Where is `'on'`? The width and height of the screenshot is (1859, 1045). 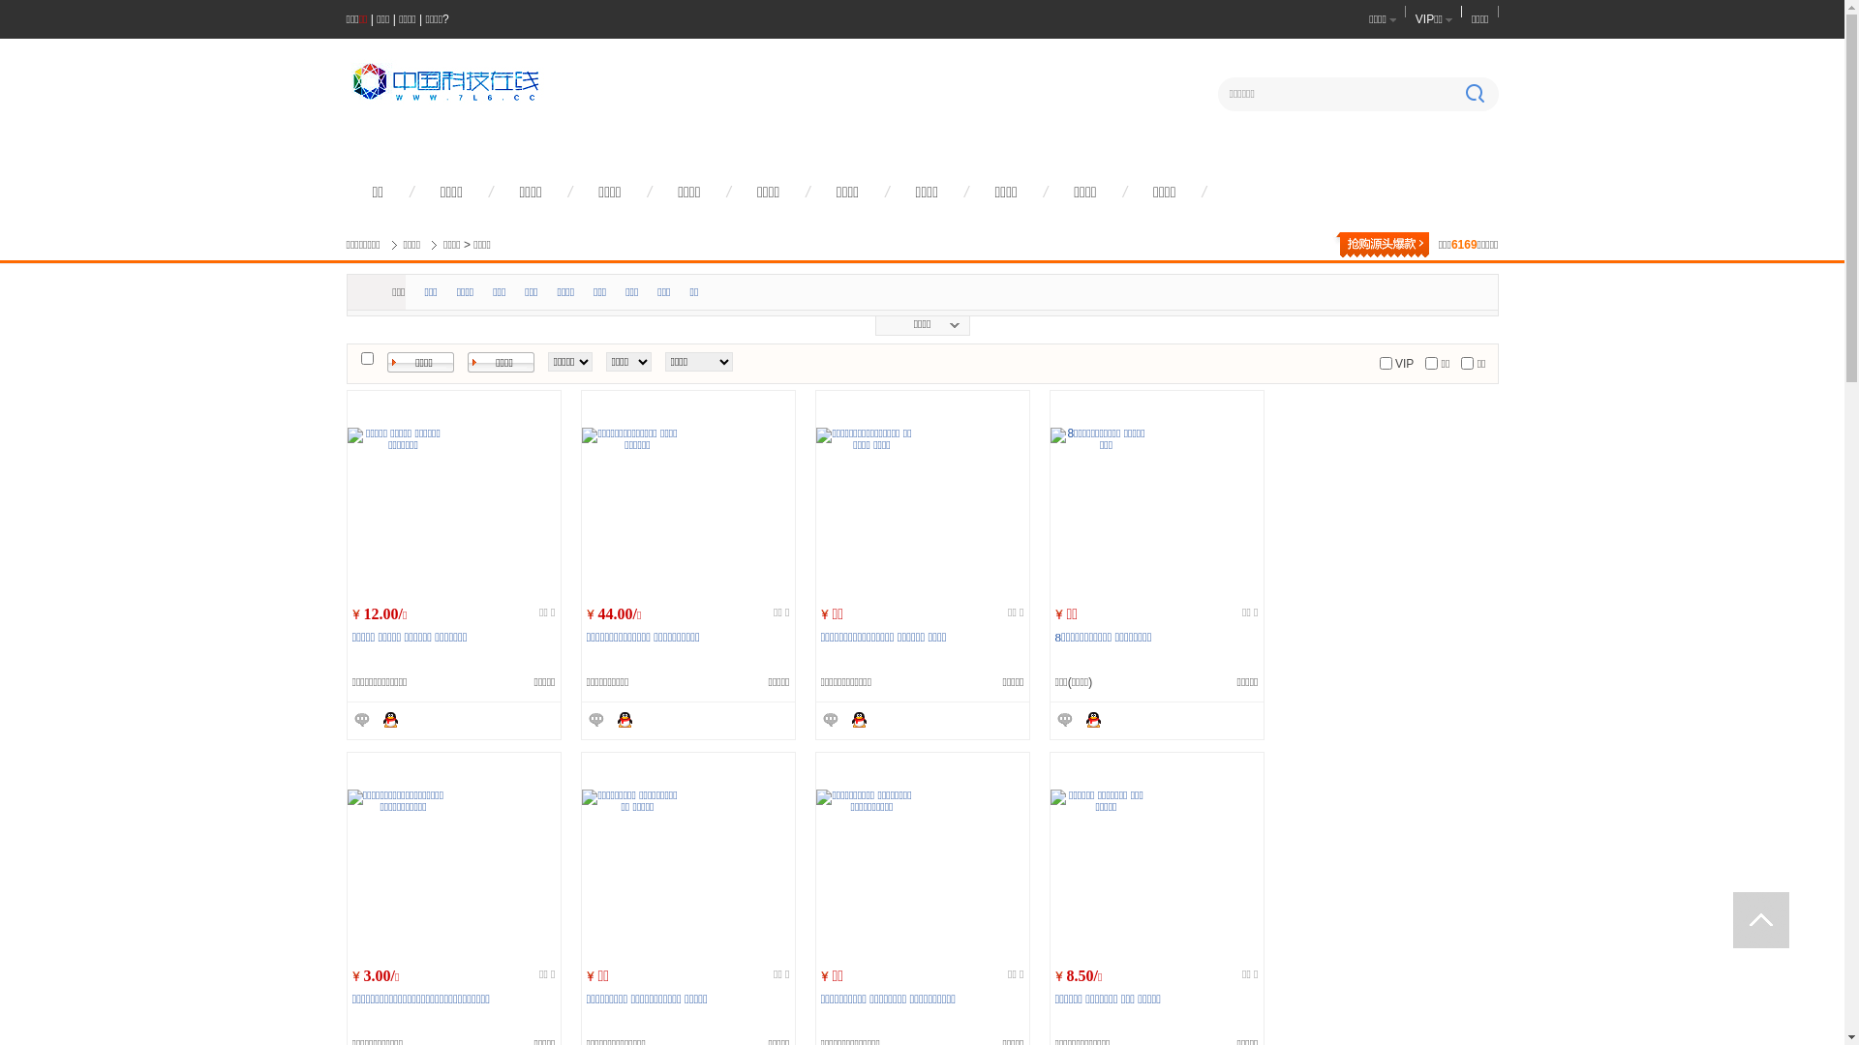
'on' is located at coordinates (1467, 363).